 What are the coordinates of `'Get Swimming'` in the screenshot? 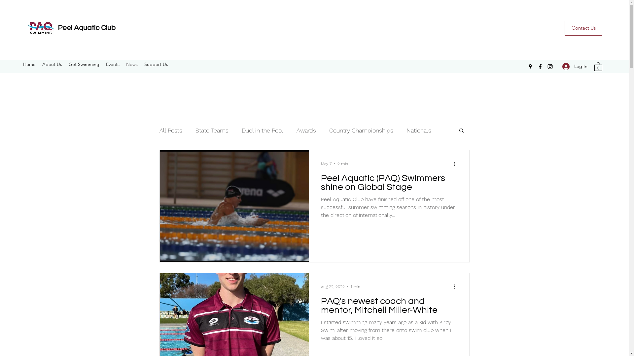 It's located at (84, 64).